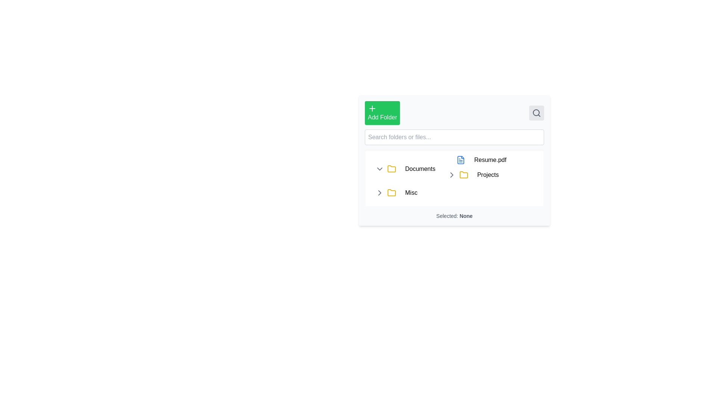 The width and height of the screenshot is (717, 403). Describe the element at coordinates (380, 192) in the screenshot. I see `the Icon button that serves as a toggle for expanding or collapsing the 'Misc' folder view, located to the left of the text 'Misc'` at that location.